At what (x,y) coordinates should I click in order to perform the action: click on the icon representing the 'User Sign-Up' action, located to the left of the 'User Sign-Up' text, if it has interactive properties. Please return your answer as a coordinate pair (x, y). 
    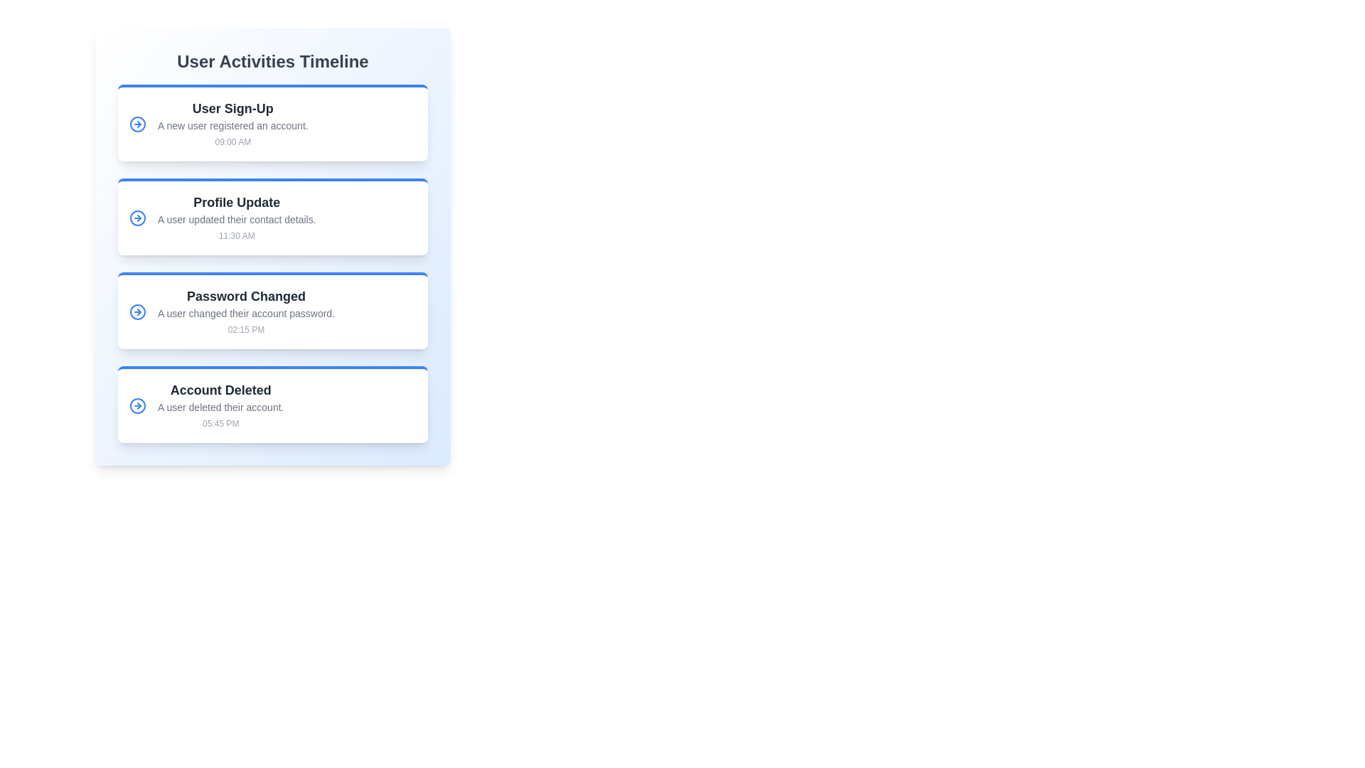
    Looking at the image, I should click on (137, 123).